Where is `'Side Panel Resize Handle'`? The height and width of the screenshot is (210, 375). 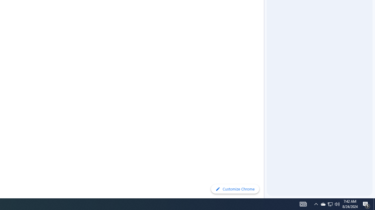 'Side Panel Resize Handle' is located at coordinates (265, 11).